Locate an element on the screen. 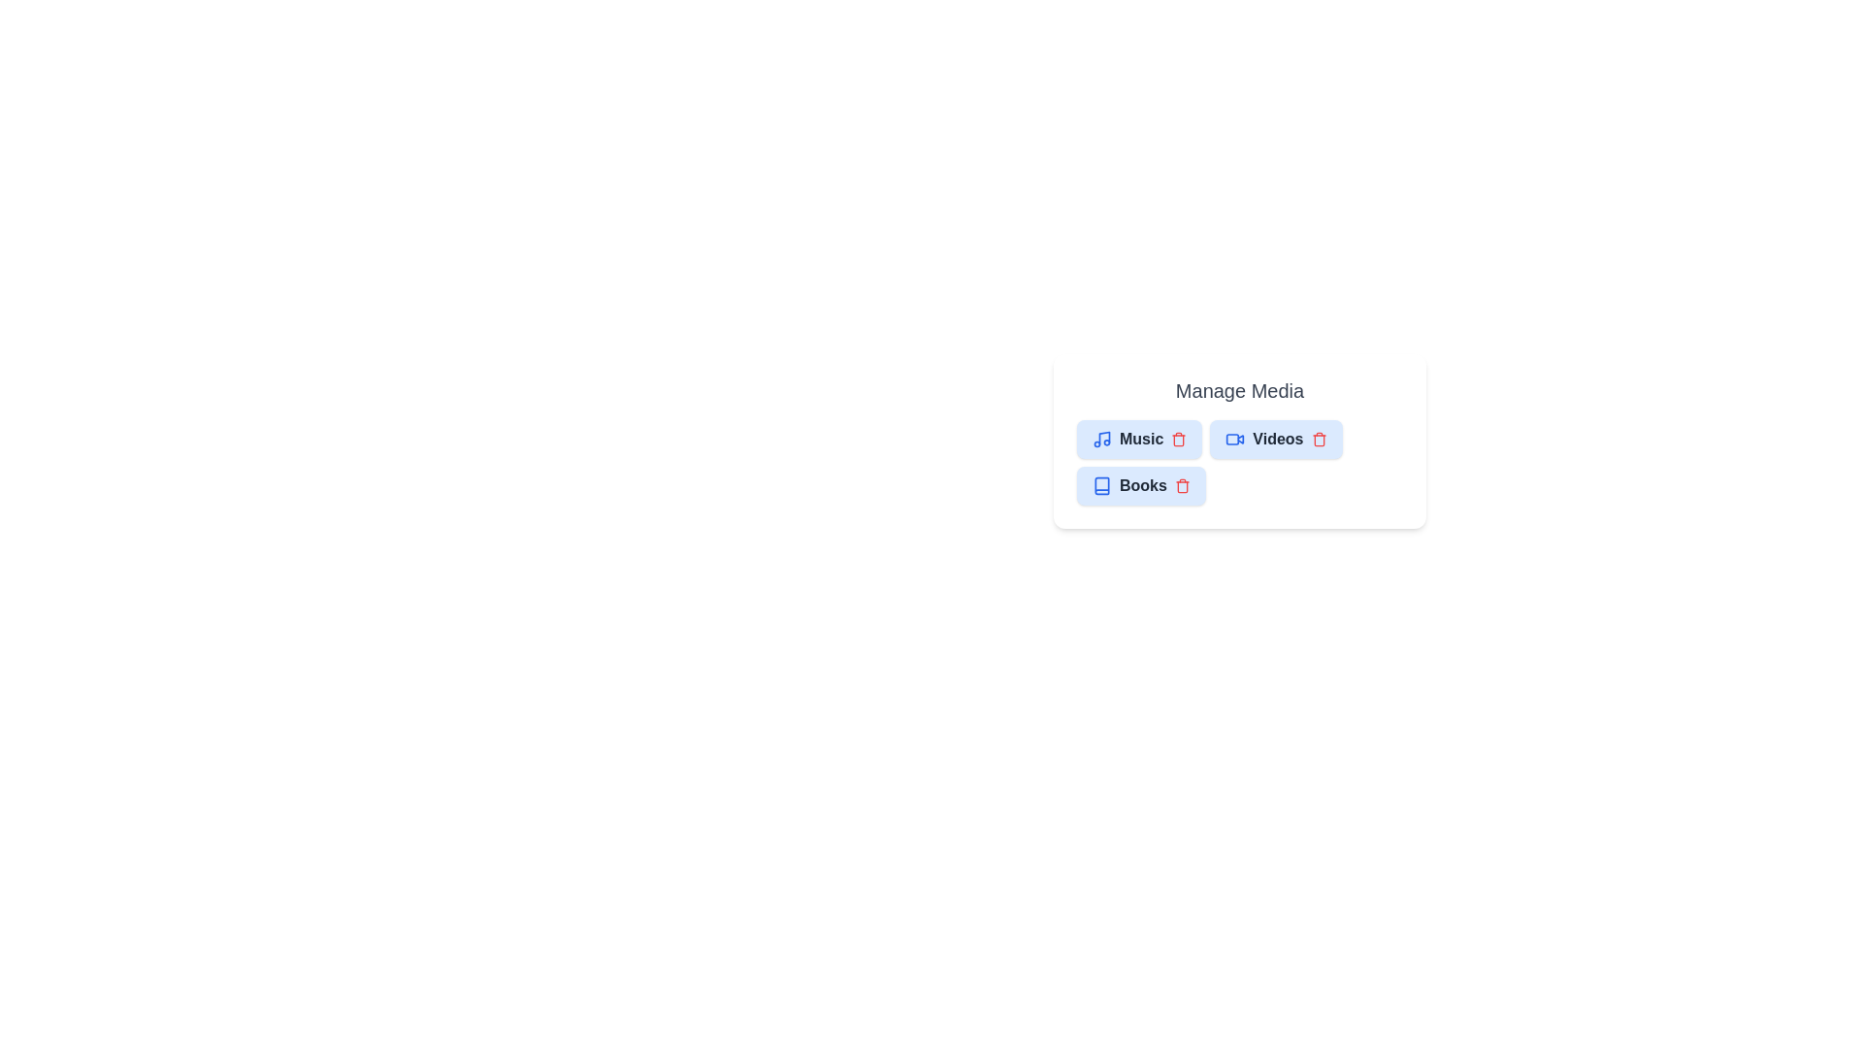 The image size is (1863, 1048). the delete button of the chip labeled Music is located at coordinates (1178, 439).